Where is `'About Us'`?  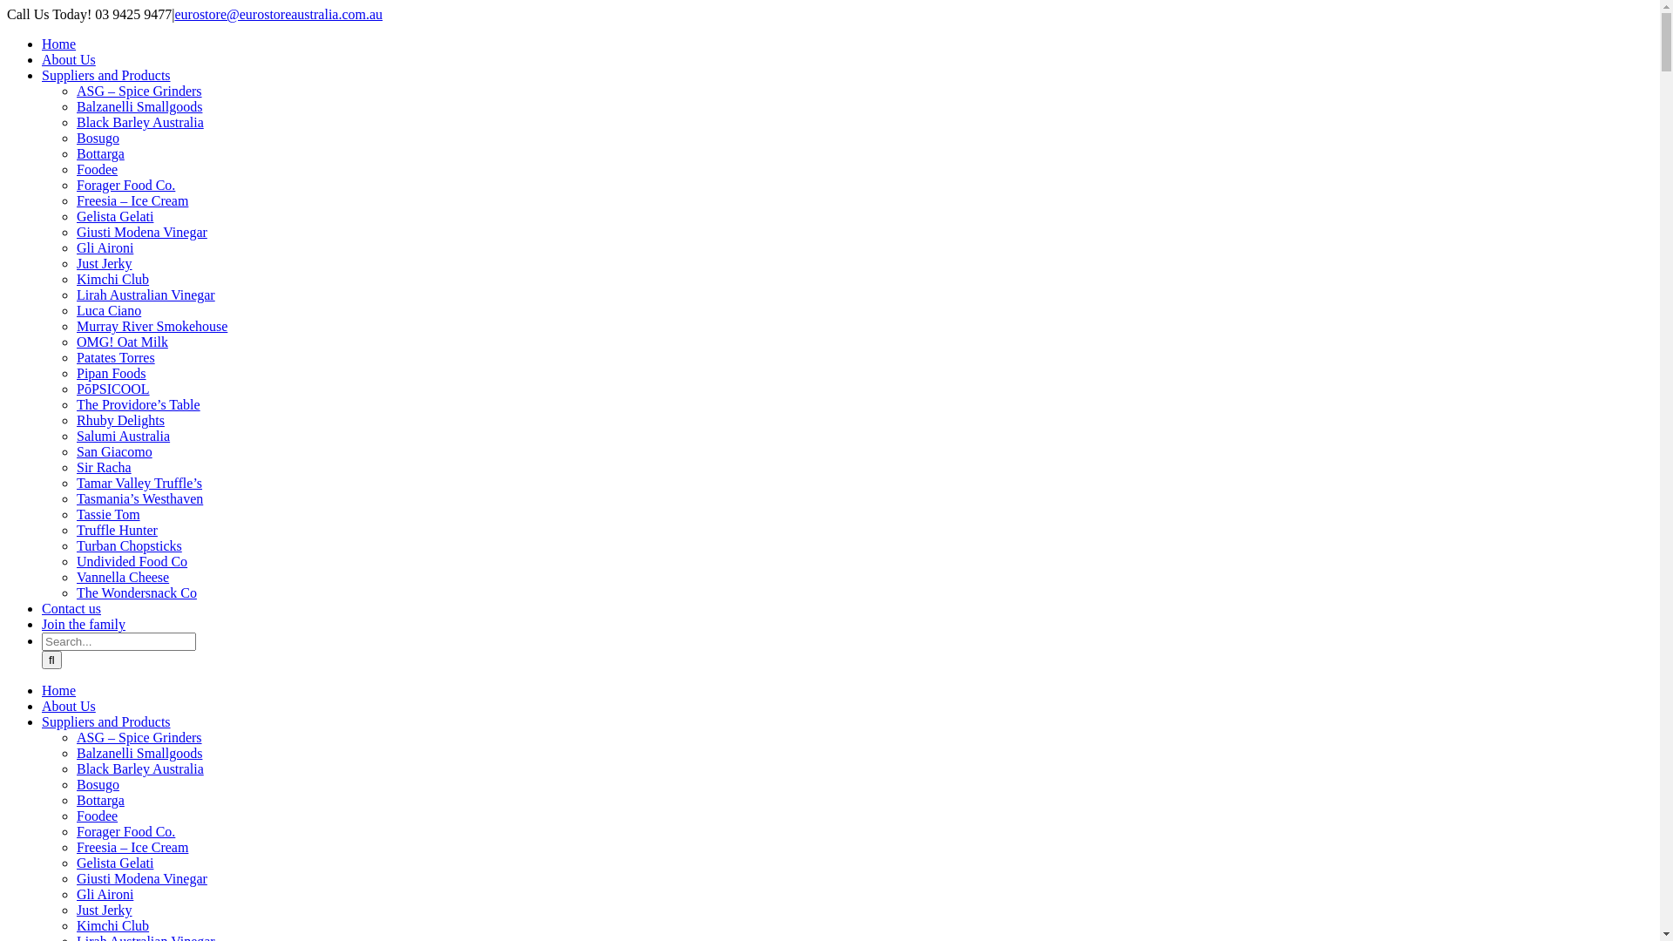 'About Us' is located at coordinates (68, 58).